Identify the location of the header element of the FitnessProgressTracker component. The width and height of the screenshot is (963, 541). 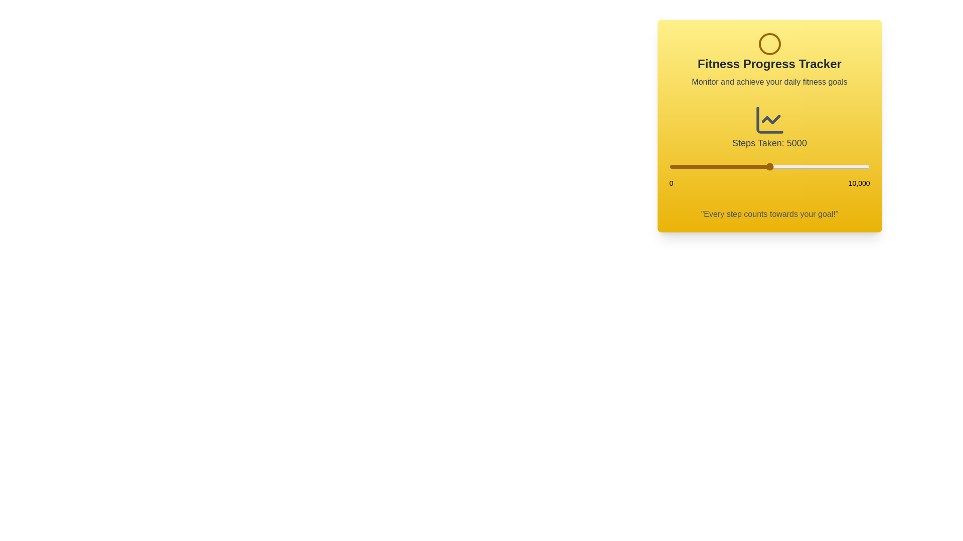
(769, 60).